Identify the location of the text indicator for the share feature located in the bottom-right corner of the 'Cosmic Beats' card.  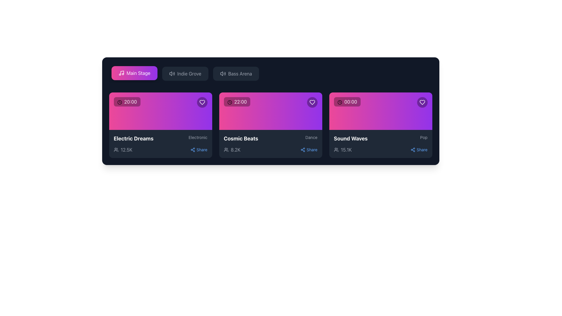
(311, 150).